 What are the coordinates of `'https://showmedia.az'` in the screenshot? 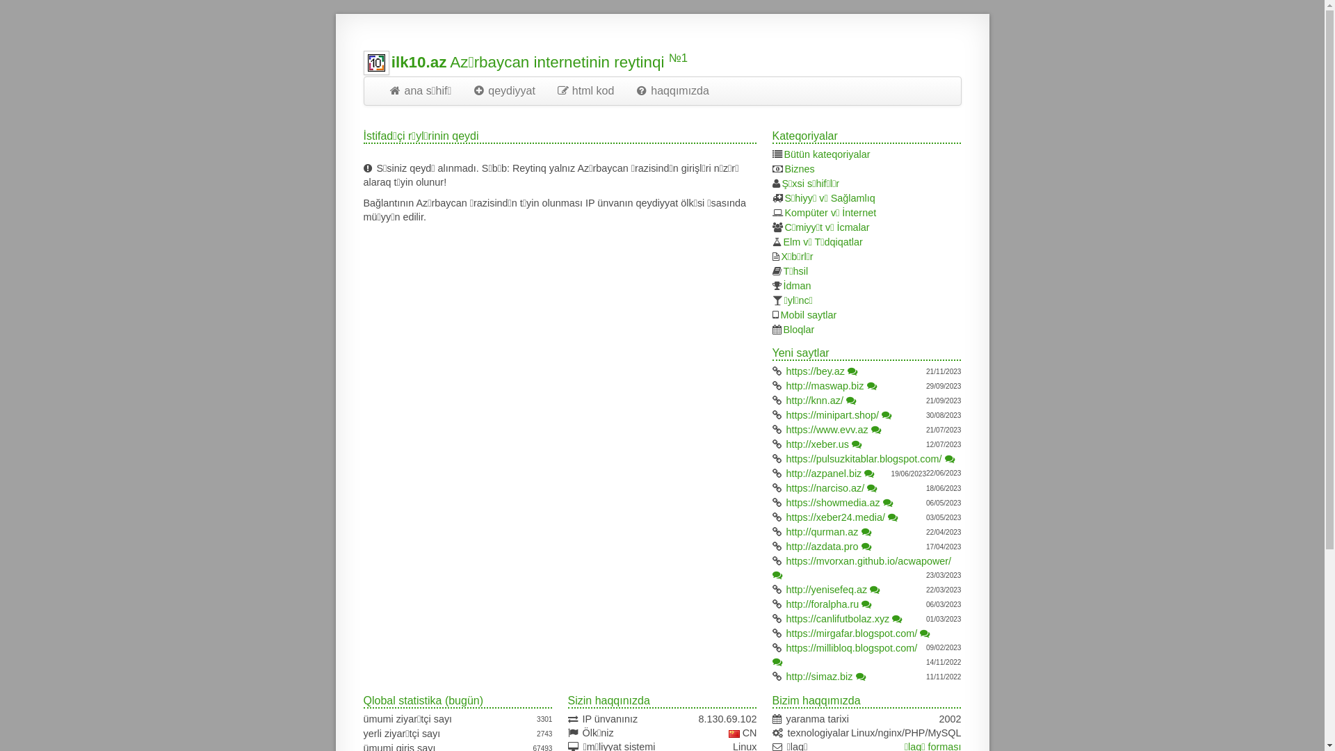 It's located at (833, 502).